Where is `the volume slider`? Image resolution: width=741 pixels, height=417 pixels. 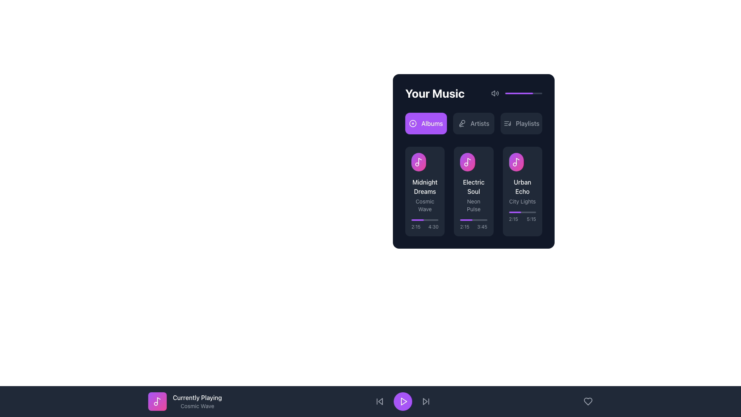 the volume slider is located at coordinates (506, 93).